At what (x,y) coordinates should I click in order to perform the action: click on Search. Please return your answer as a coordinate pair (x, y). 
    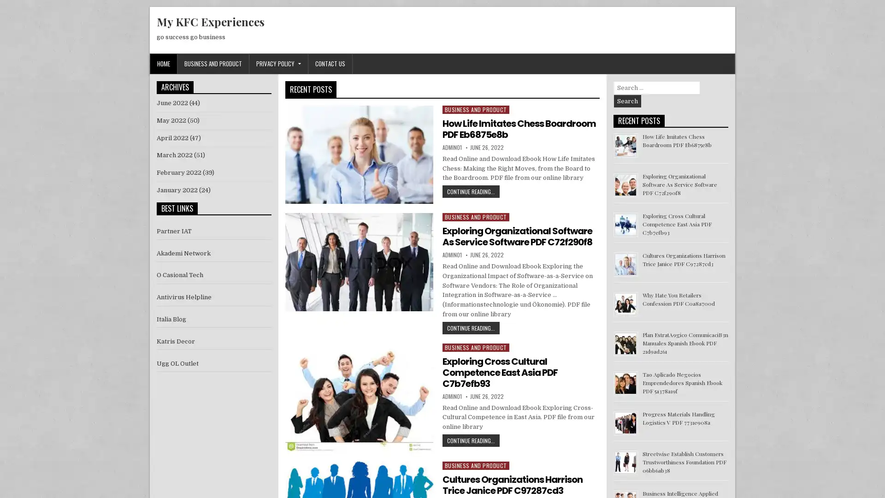
    Looking at the image, I should click on (627, 101).